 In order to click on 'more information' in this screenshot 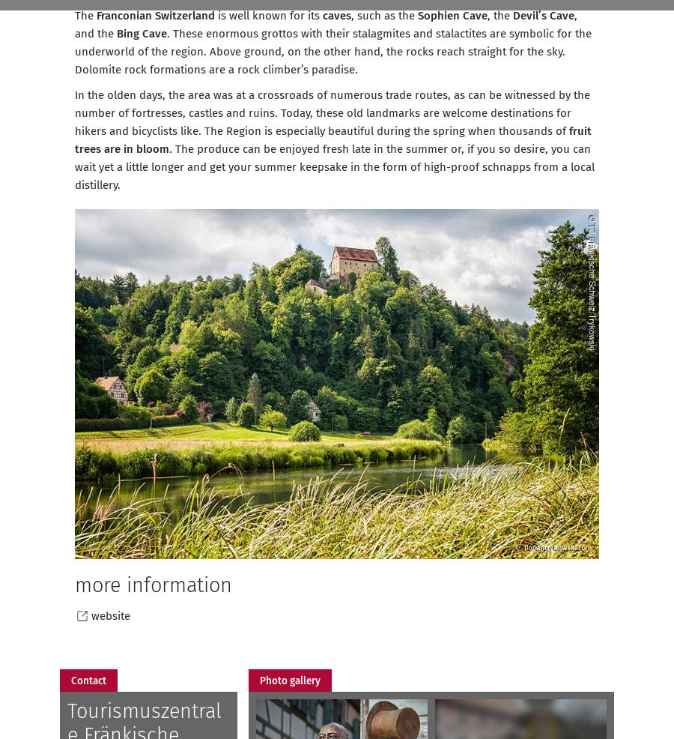, I will do `click(154, 585)`.